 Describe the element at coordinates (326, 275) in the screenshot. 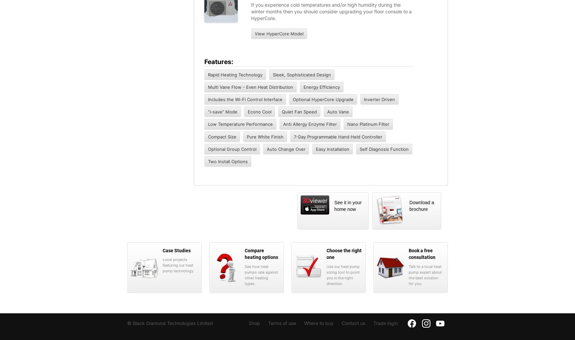

I see `'Use our heat pump sizing tool to point you in the right direction.'` at that location.